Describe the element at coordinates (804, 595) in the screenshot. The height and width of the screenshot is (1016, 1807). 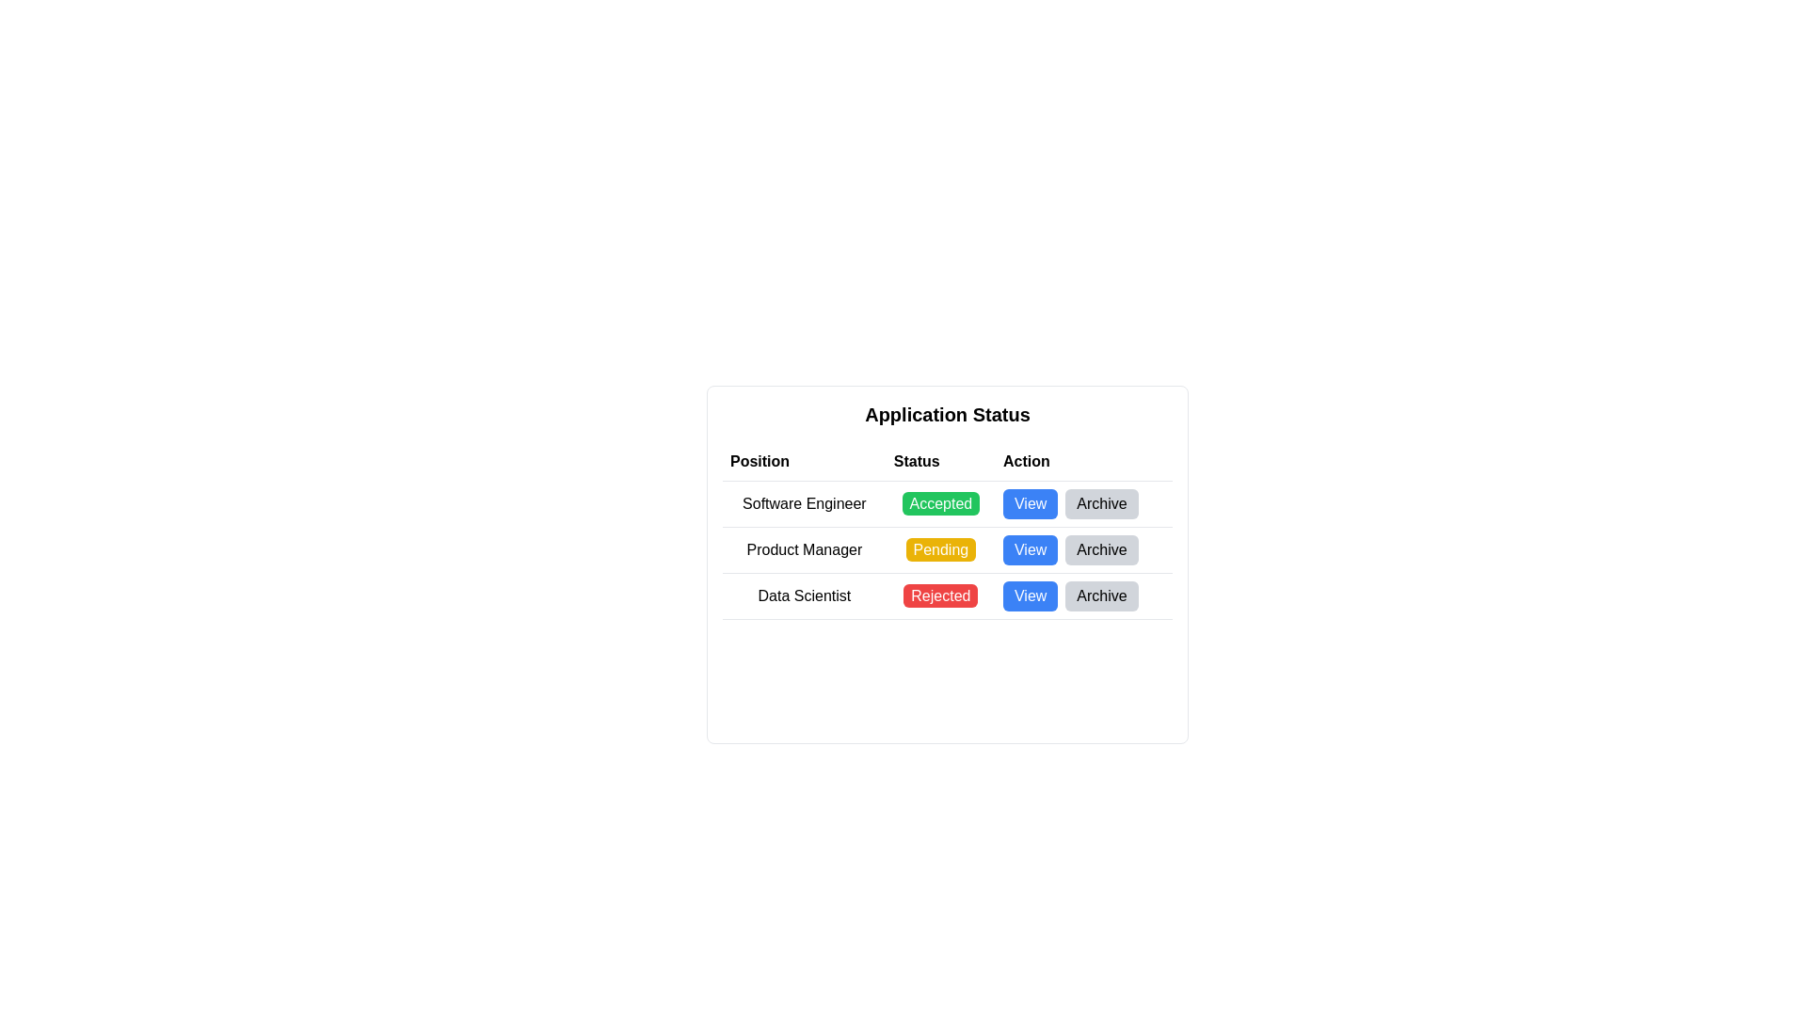
I see `static text label displaying 'Data Scientist', which is the first item in the row labeled 'Data Scientist' in a structured table, positioned to the left of the 'Rejected' status and 'View' action buttons` at that location.